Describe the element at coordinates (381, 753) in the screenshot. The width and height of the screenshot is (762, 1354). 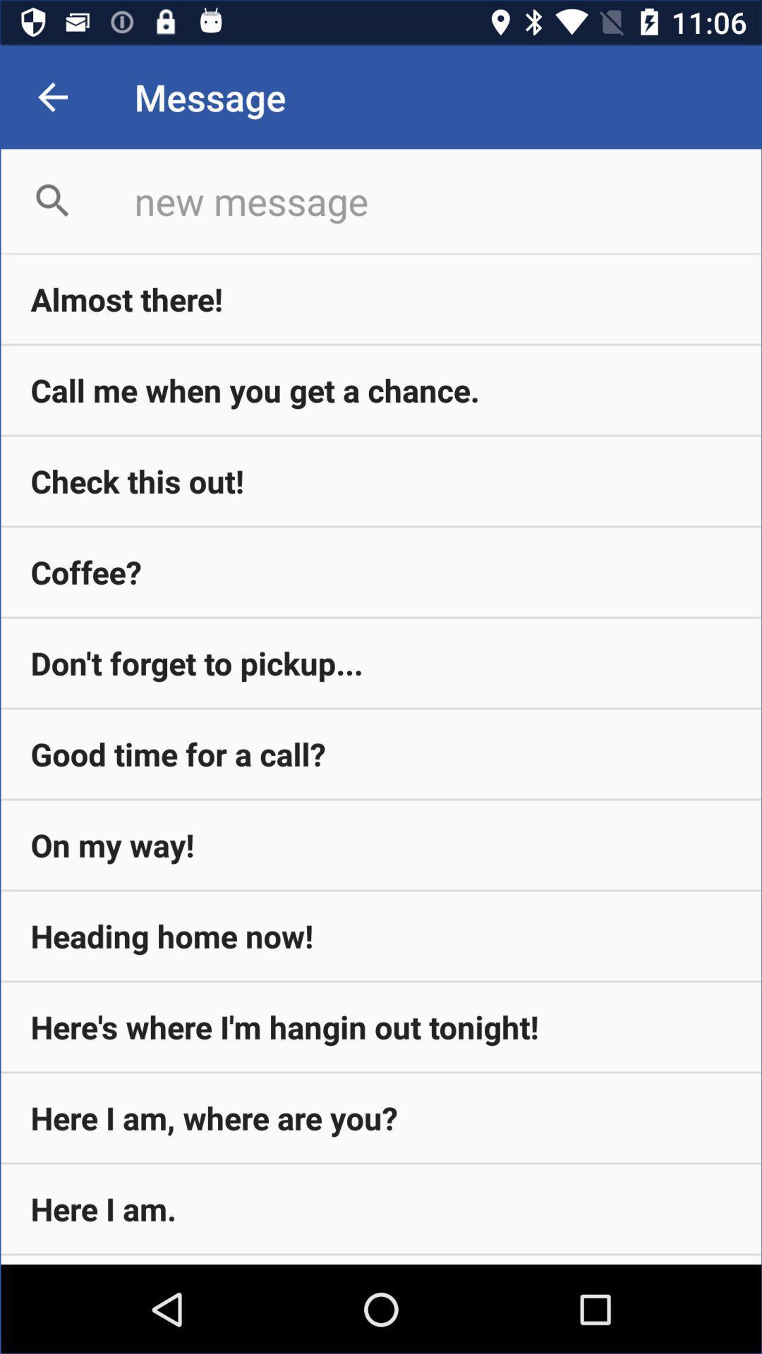
I see `the item above on my way!` at that location.